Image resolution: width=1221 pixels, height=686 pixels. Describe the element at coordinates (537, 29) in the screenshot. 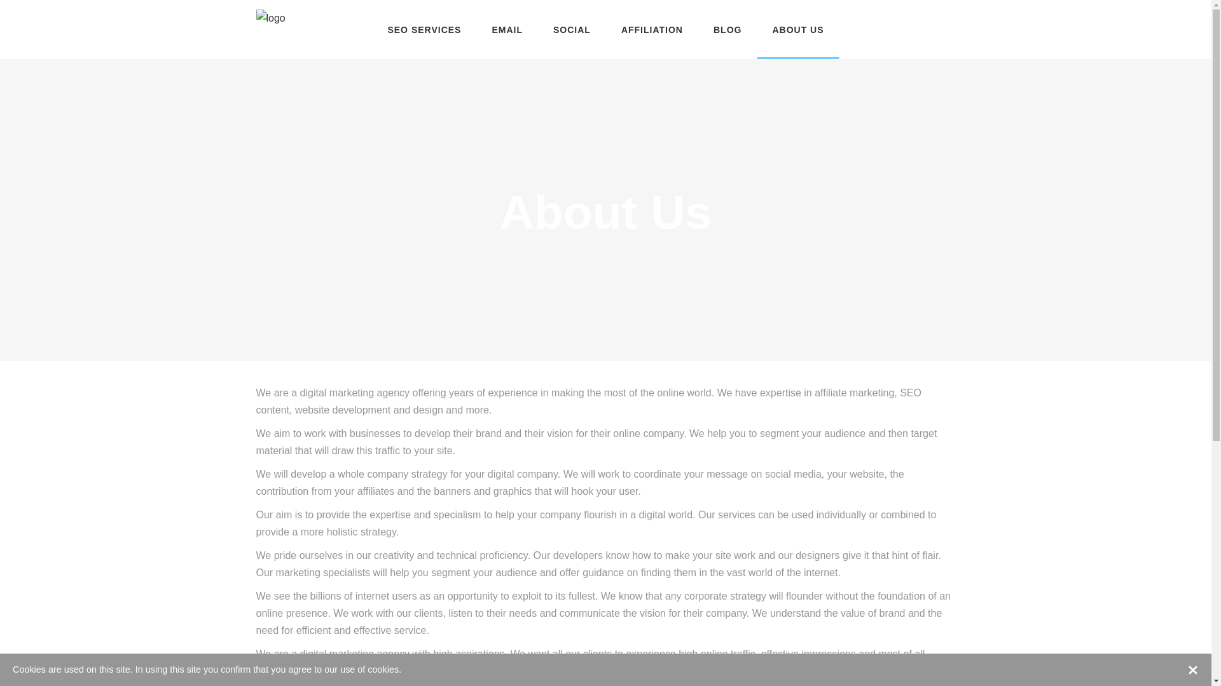

I see `'SOCIAL'` at that location.